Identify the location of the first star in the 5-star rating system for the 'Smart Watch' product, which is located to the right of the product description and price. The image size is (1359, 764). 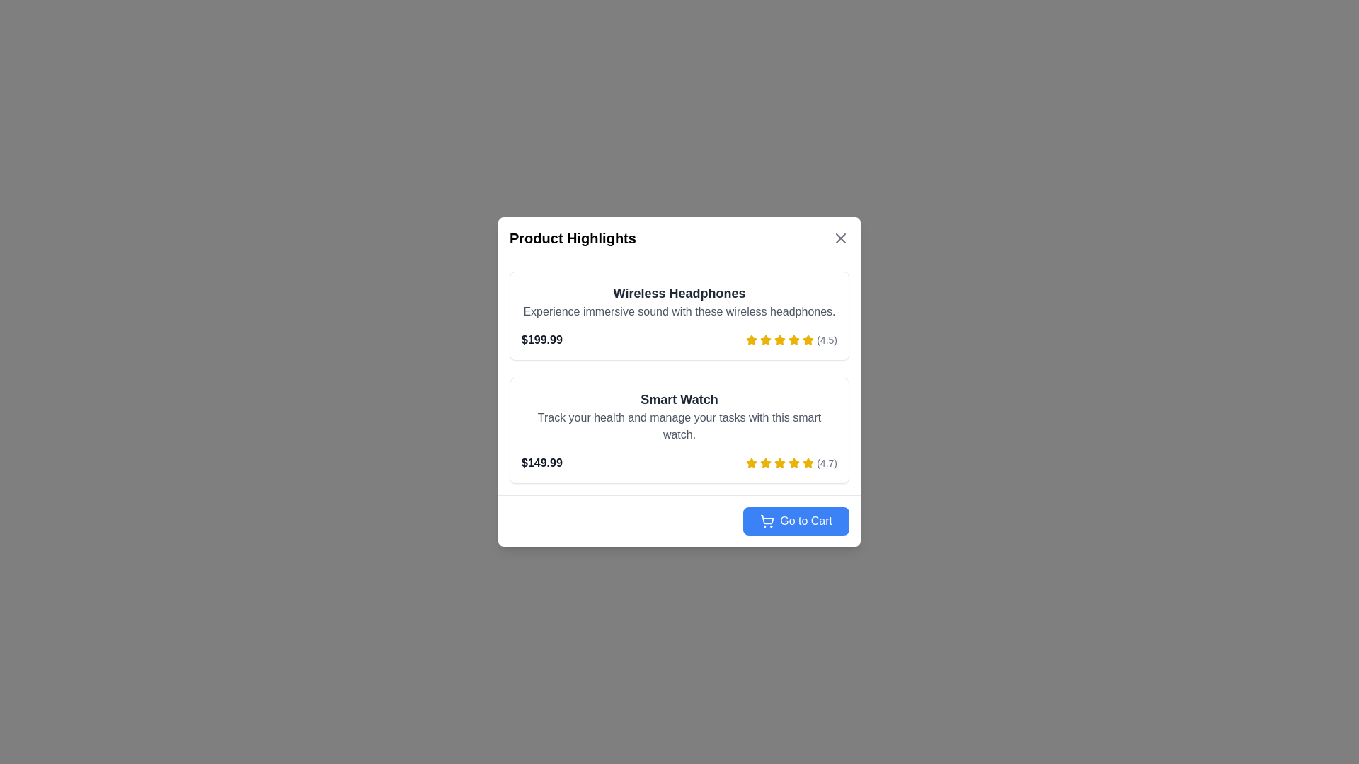
(751, 463).